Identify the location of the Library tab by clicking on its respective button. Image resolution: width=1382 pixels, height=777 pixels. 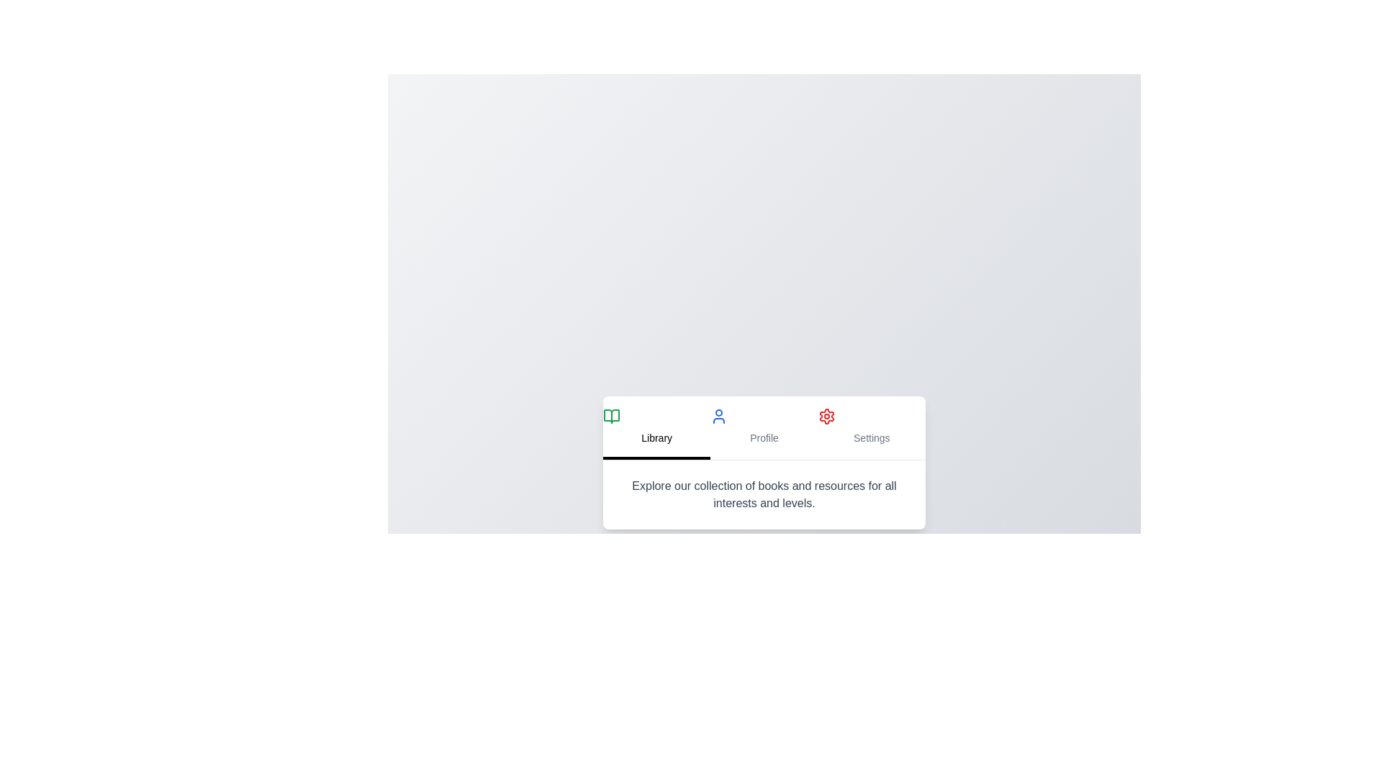
(656, 427).